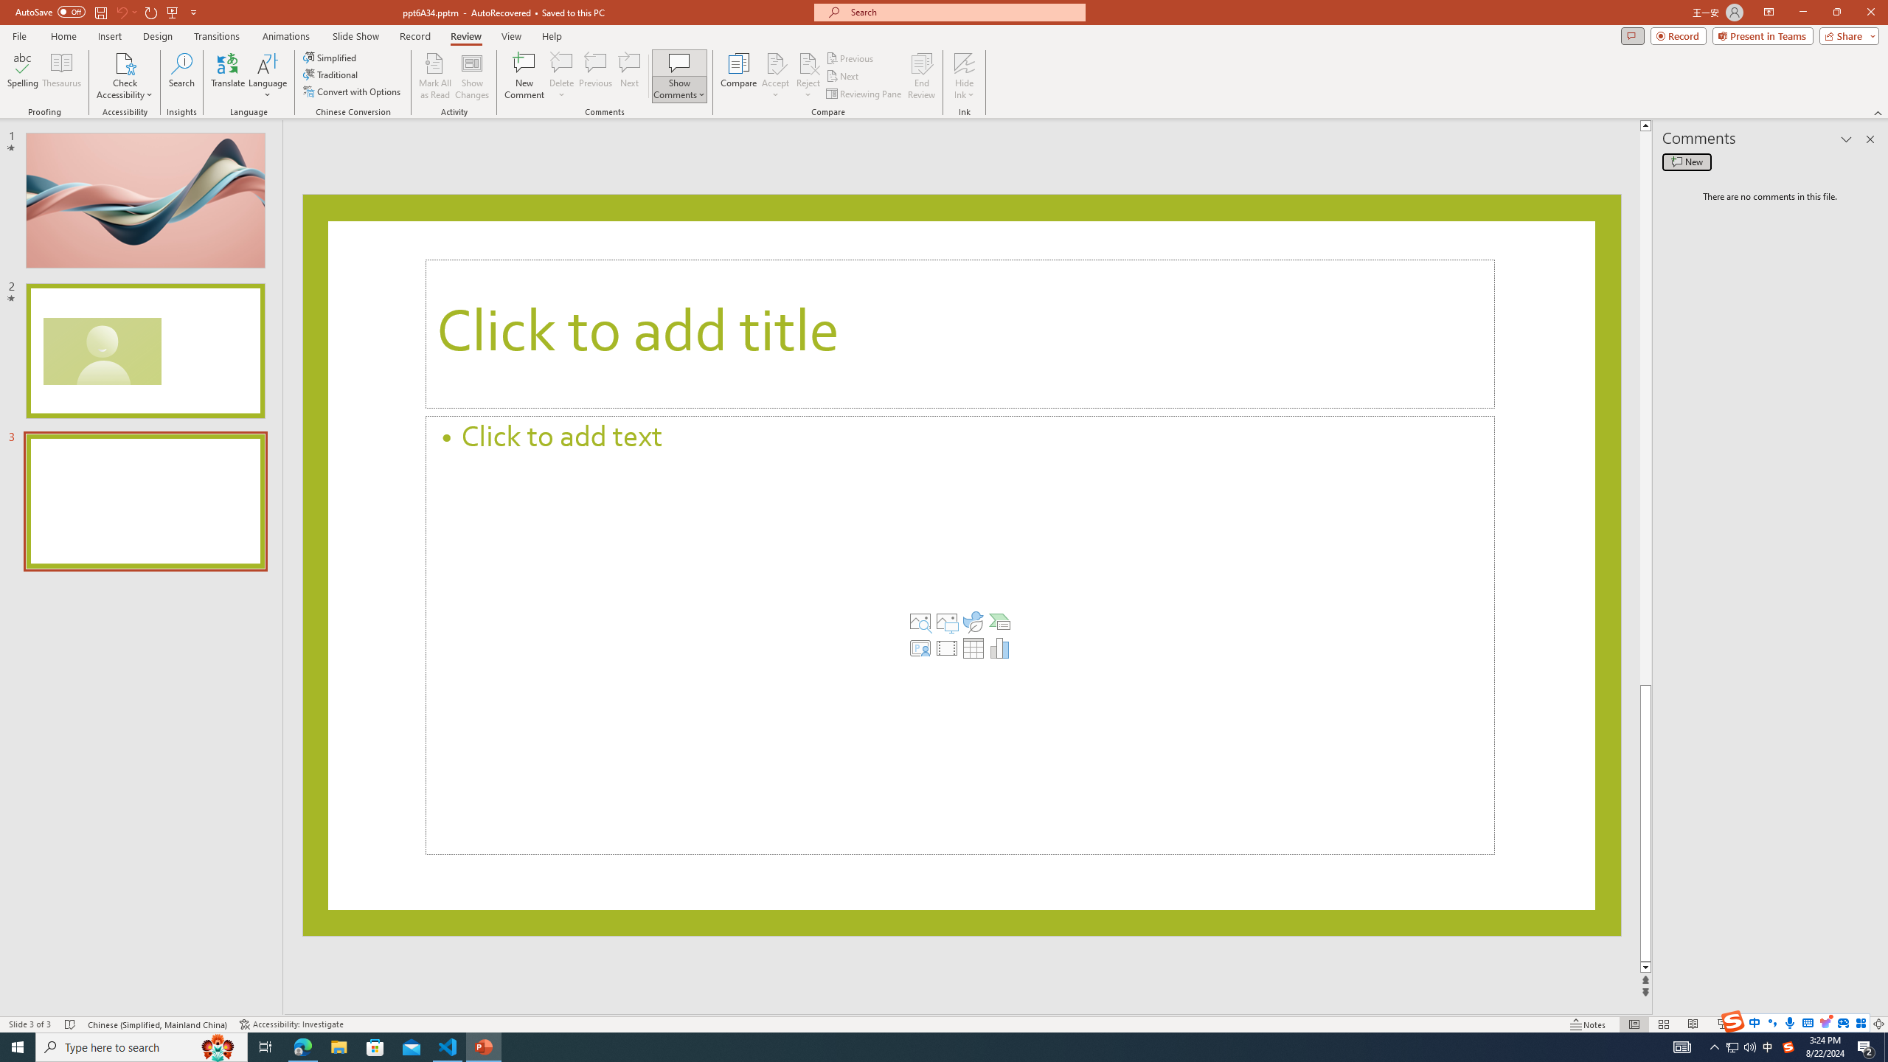  I want to click on 'Delete', so click(561, 62).